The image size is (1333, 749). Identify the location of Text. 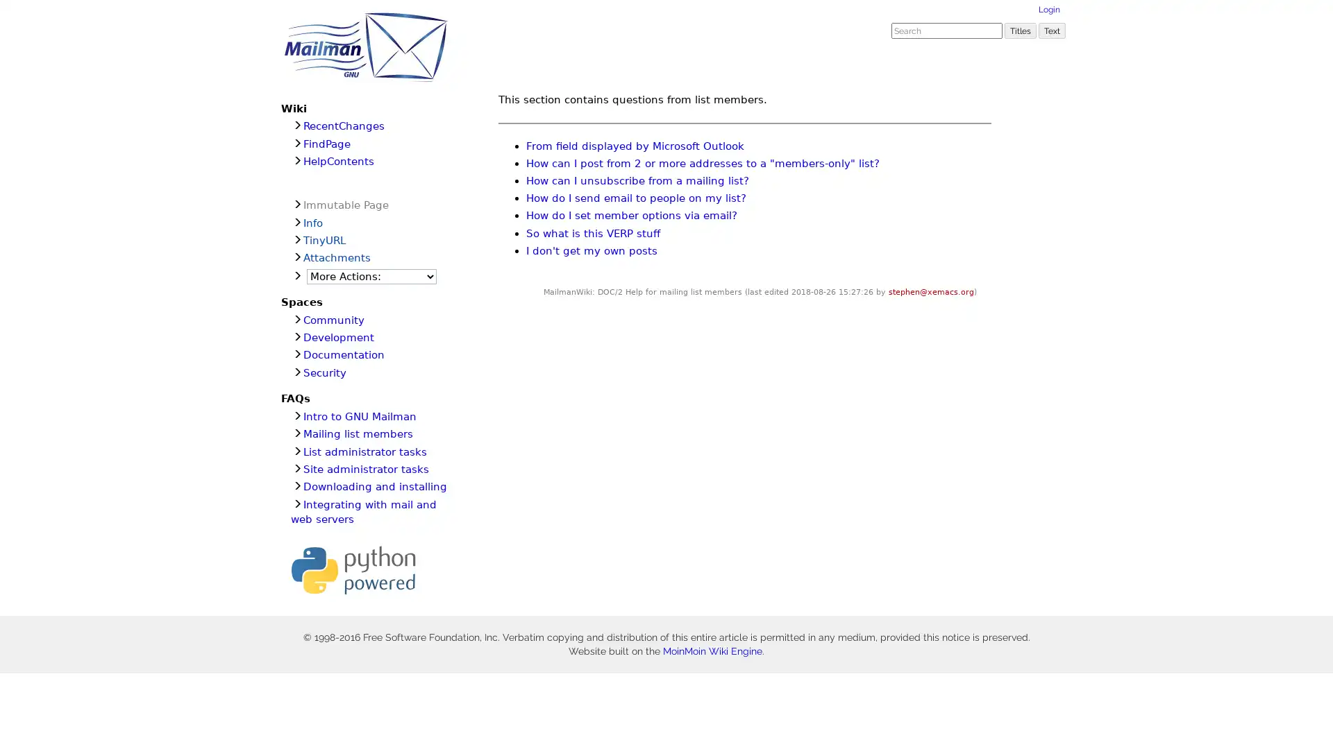
(1052, 30).